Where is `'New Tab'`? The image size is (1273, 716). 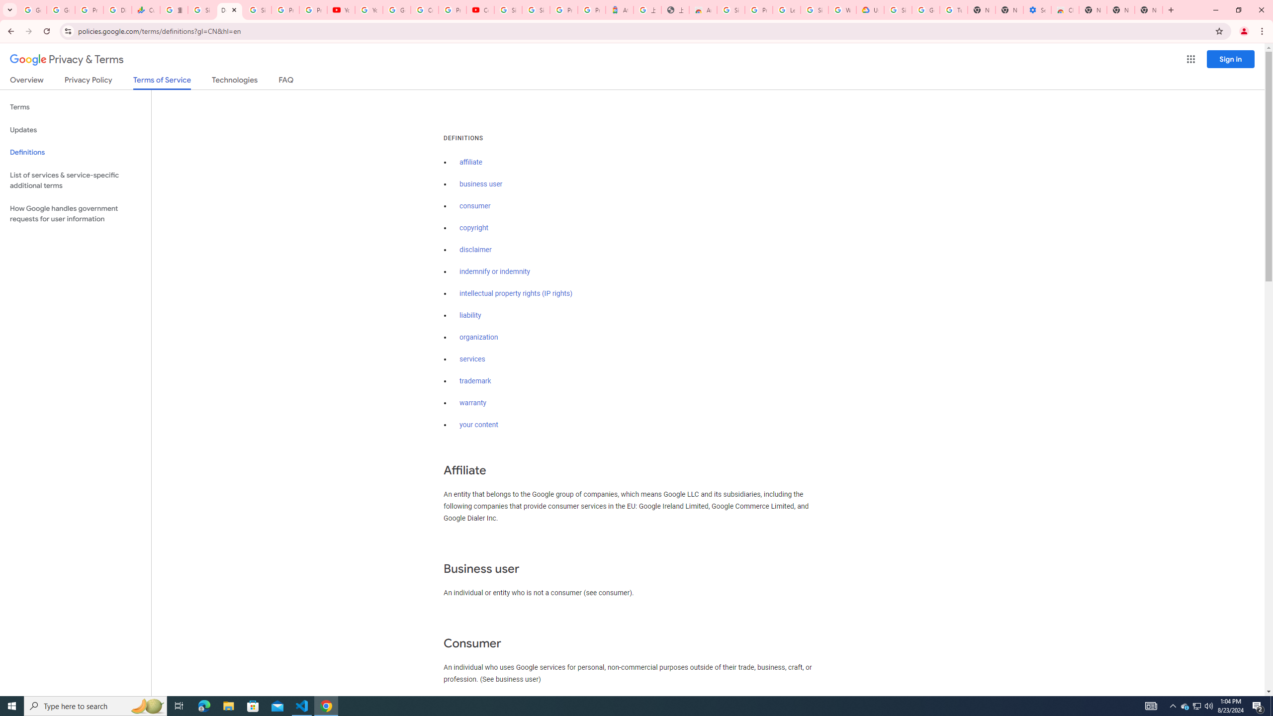
'New Tab' is located at coordinates (1092, 9).